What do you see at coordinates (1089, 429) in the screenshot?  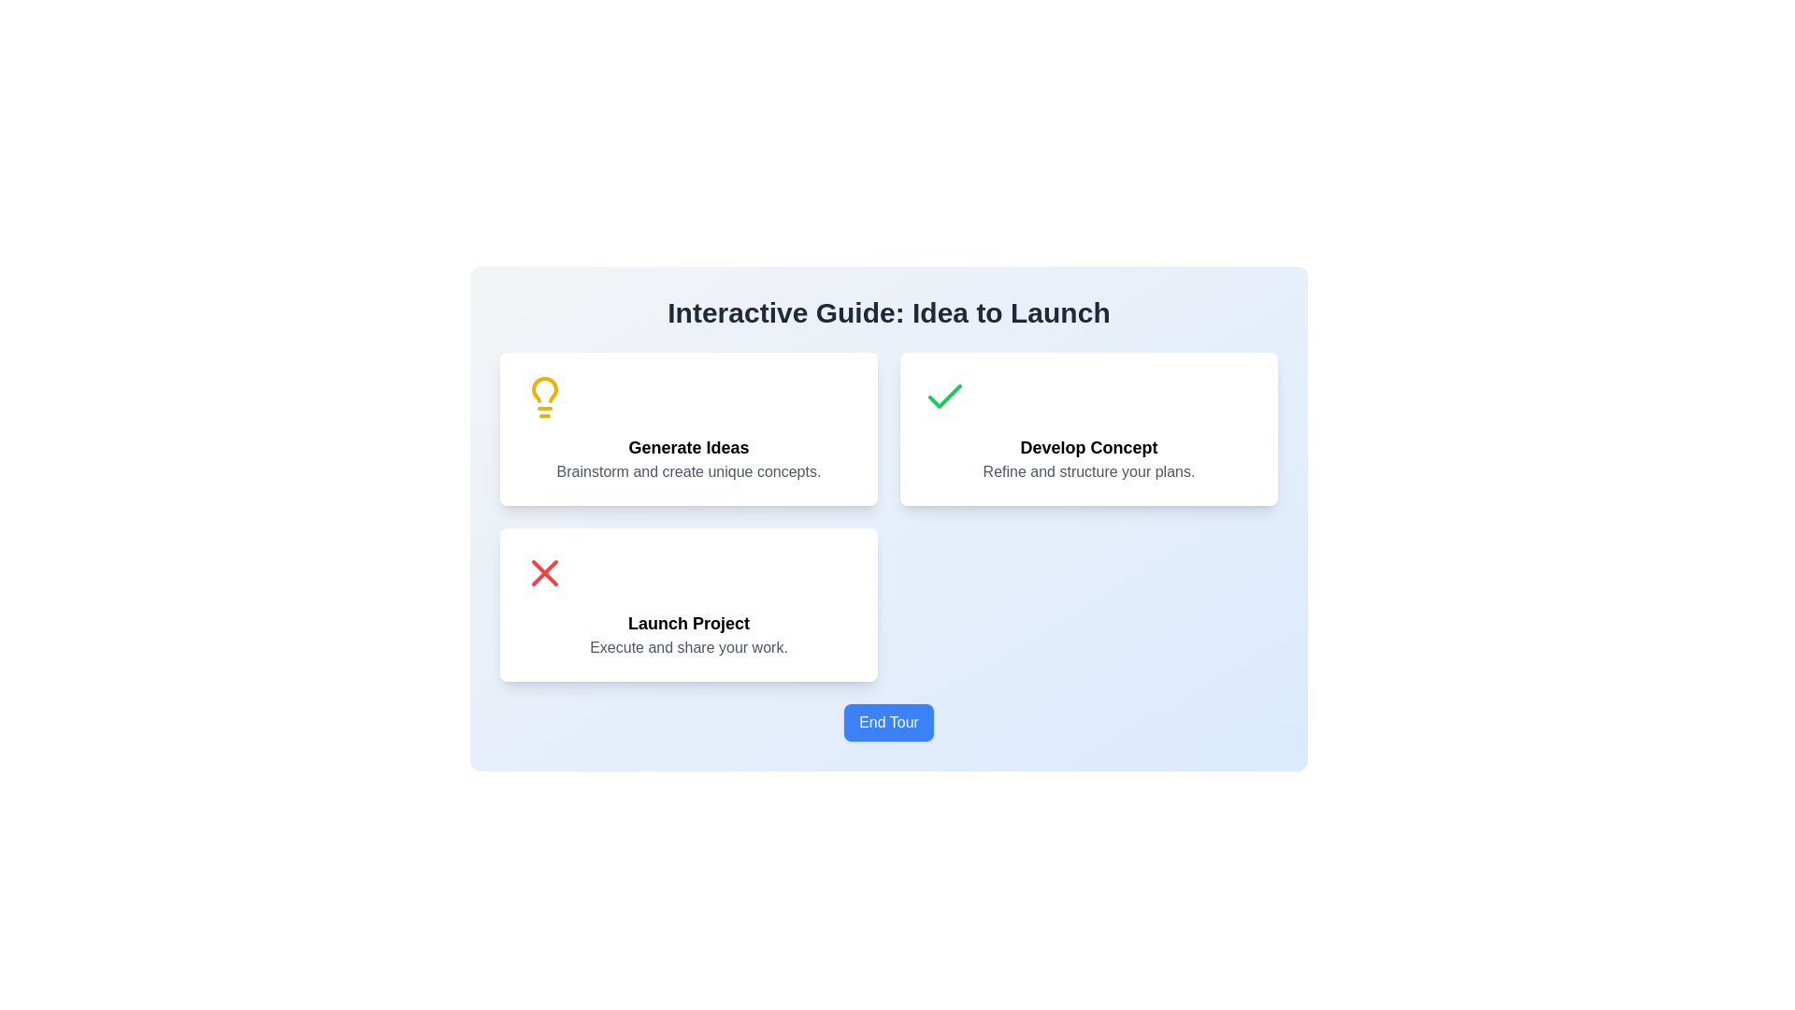 I see `details of the second card in the process guide, which focuses on the concept development phase` at bounding box center [1089, 429].